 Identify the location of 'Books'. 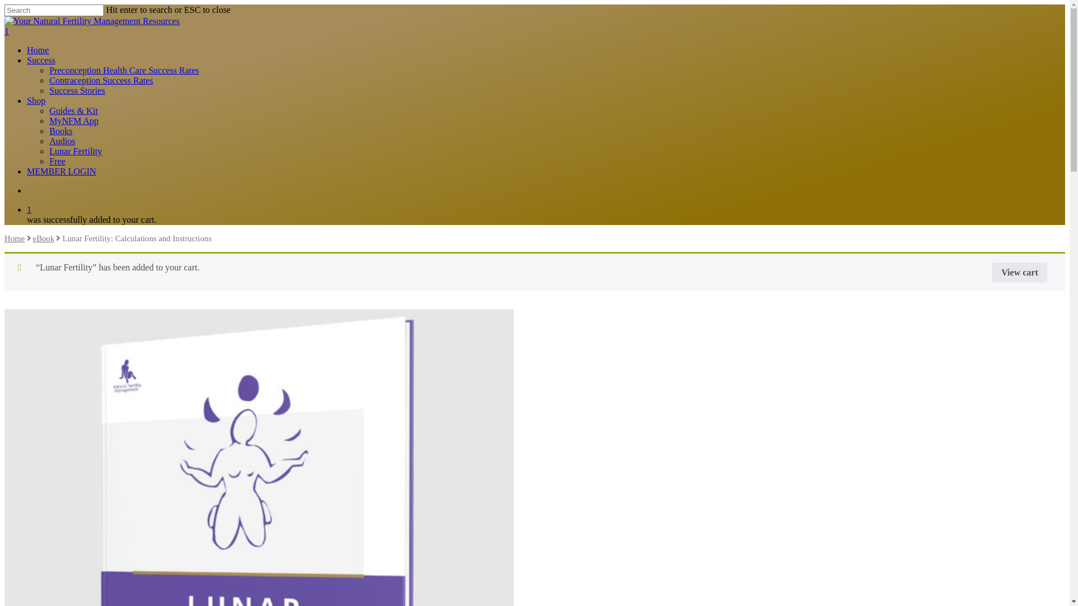
(60, 130).